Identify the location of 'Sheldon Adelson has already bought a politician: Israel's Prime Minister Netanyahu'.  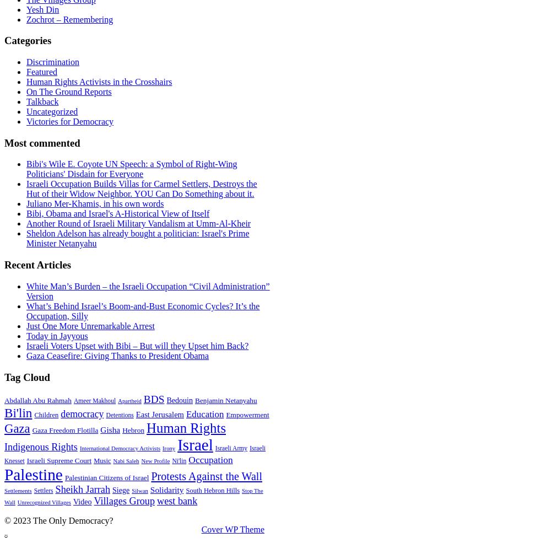
(138, 238).